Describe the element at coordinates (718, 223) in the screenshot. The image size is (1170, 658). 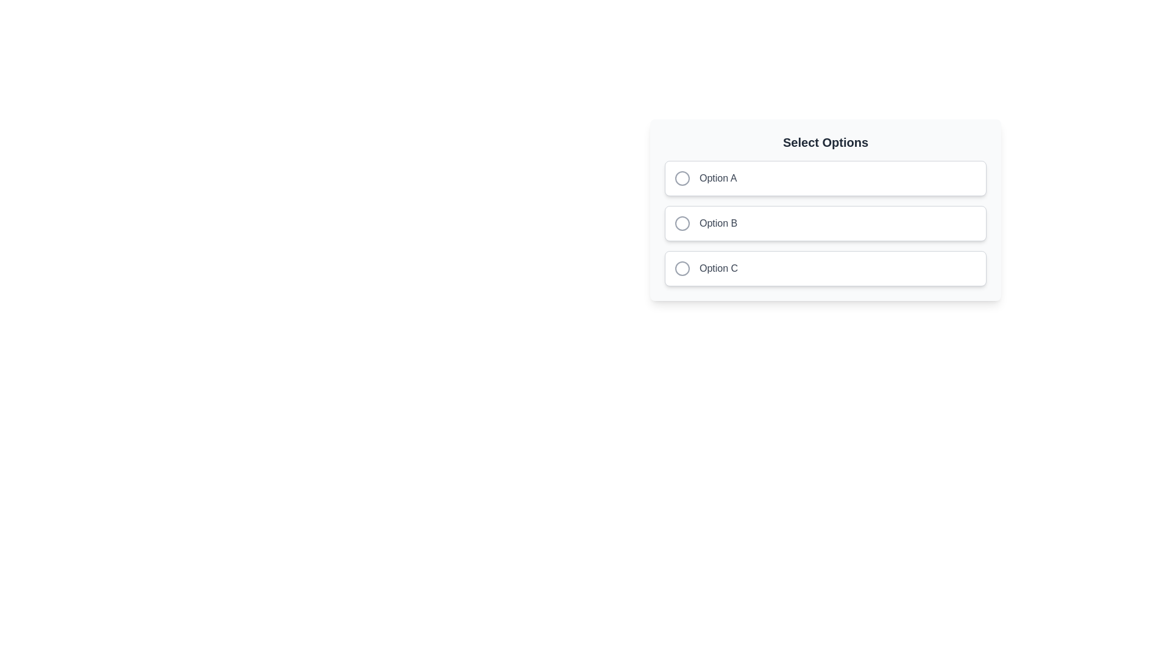
I see `the text label displaying 'Option B', which is styled in medium gray font and located below 'Option A' with a radio button to its left` at that location.